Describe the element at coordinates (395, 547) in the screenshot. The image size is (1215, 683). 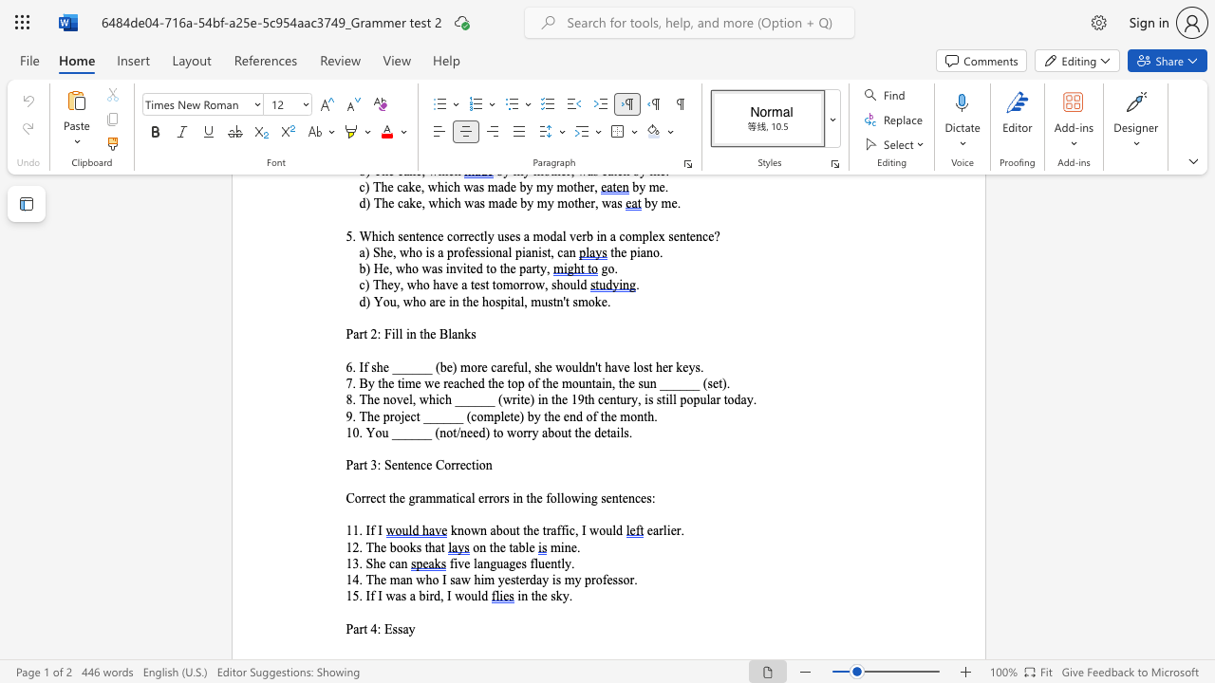
I see `the subset text "ook" within the text "12. The books that"` at that location.